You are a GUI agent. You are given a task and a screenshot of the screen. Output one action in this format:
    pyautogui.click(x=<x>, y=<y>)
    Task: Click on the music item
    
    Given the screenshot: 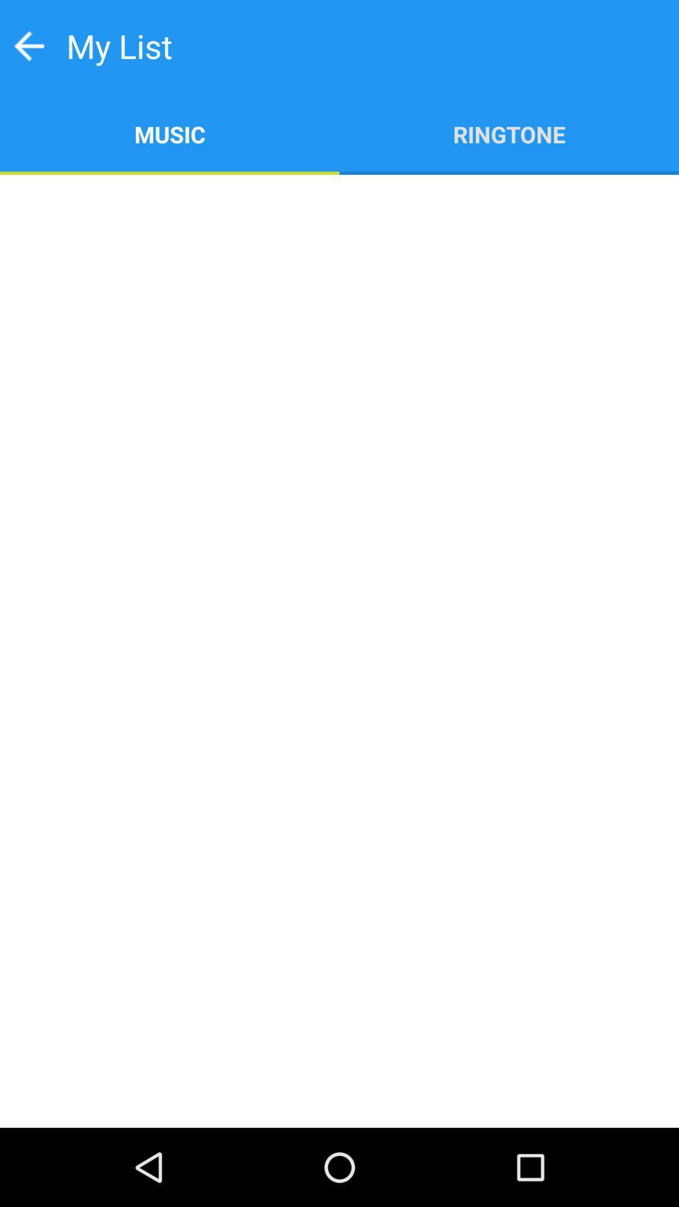 What is the action you would take?
    pyautogui.click(x=170, y=133)
    